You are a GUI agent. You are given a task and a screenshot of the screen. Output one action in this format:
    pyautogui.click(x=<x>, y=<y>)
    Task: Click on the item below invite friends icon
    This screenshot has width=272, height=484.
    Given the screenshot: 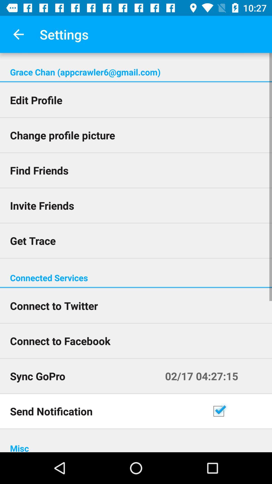 What is the action you would take?
    pyautogui.click(x=136, y=240)
    